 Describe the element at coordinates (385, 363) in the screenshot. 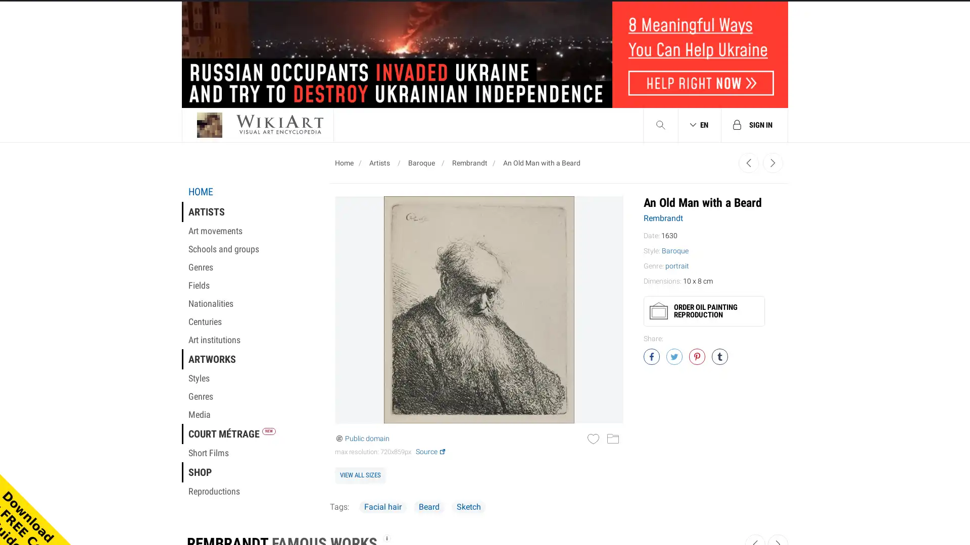

I see `Yes, I want to hook this coupon!` at that location.